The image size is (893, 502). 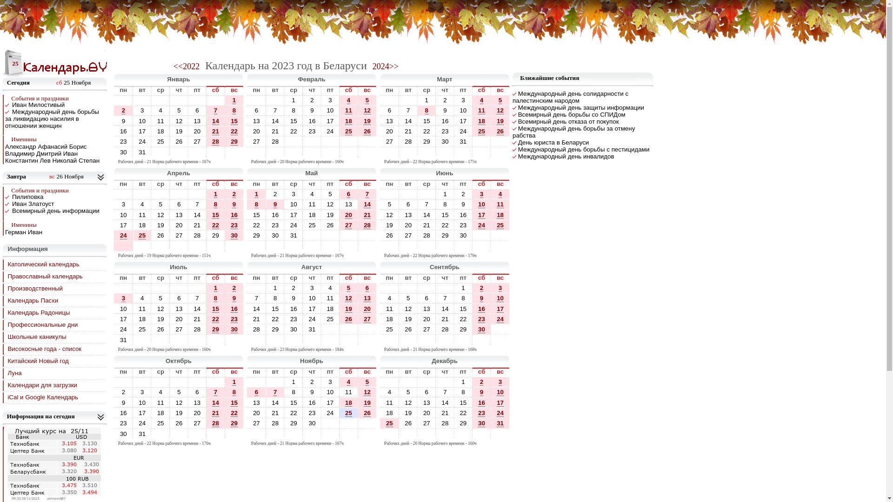 What do you see at coordinates (426, 110) in the screenshot?
I see `'8'` at bounding box center [426, 110].